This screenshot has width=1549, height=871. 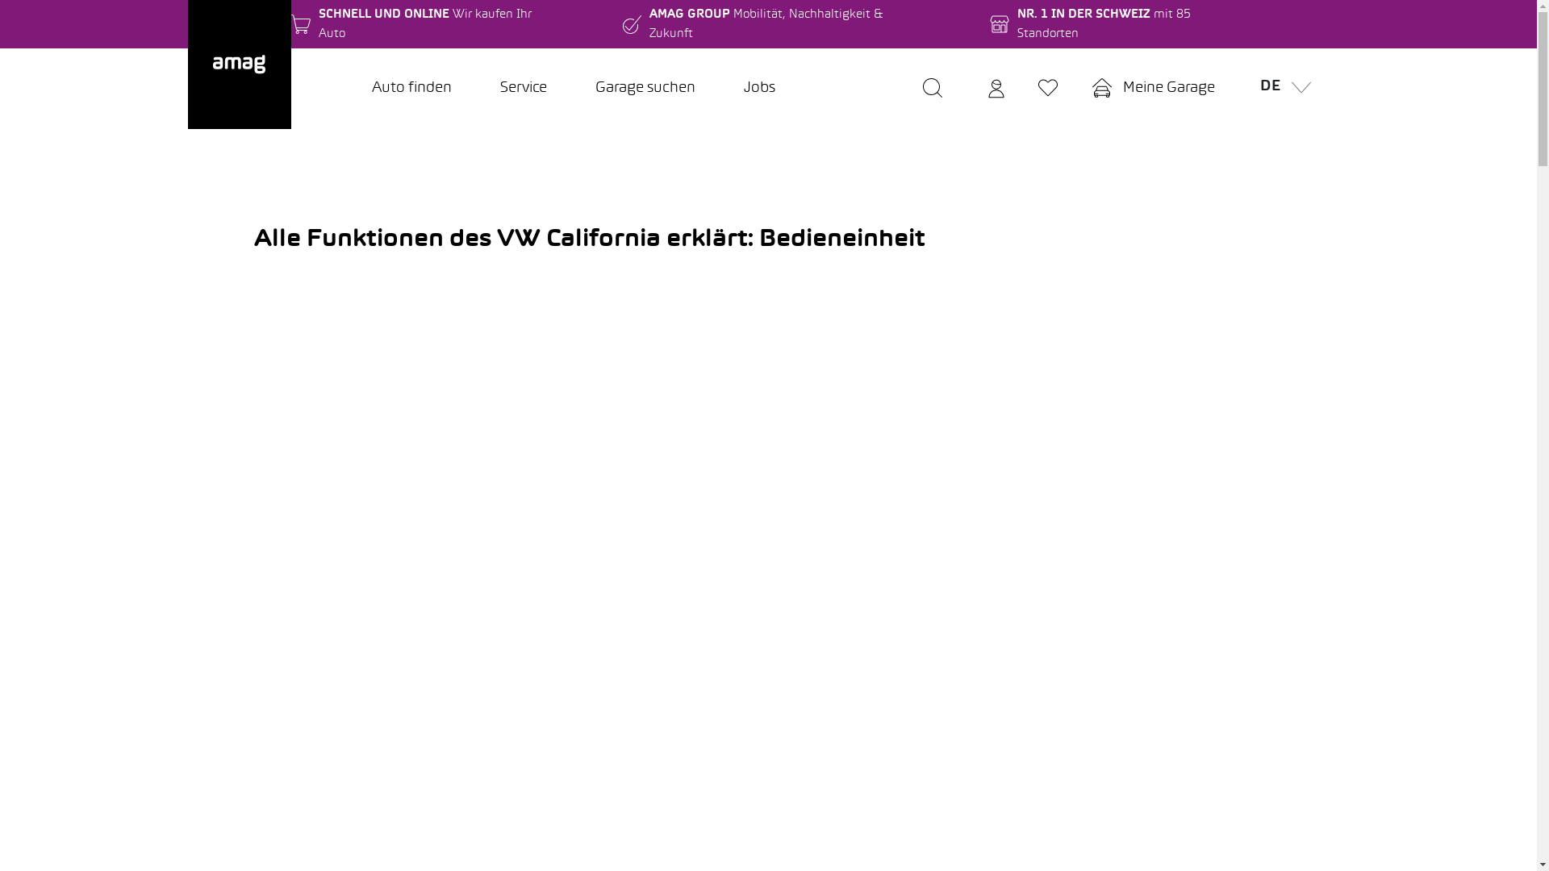 What do you see at coordinates (475, 89) in the screenshot?
I see `'Service'` at bounding box center [475, 89].